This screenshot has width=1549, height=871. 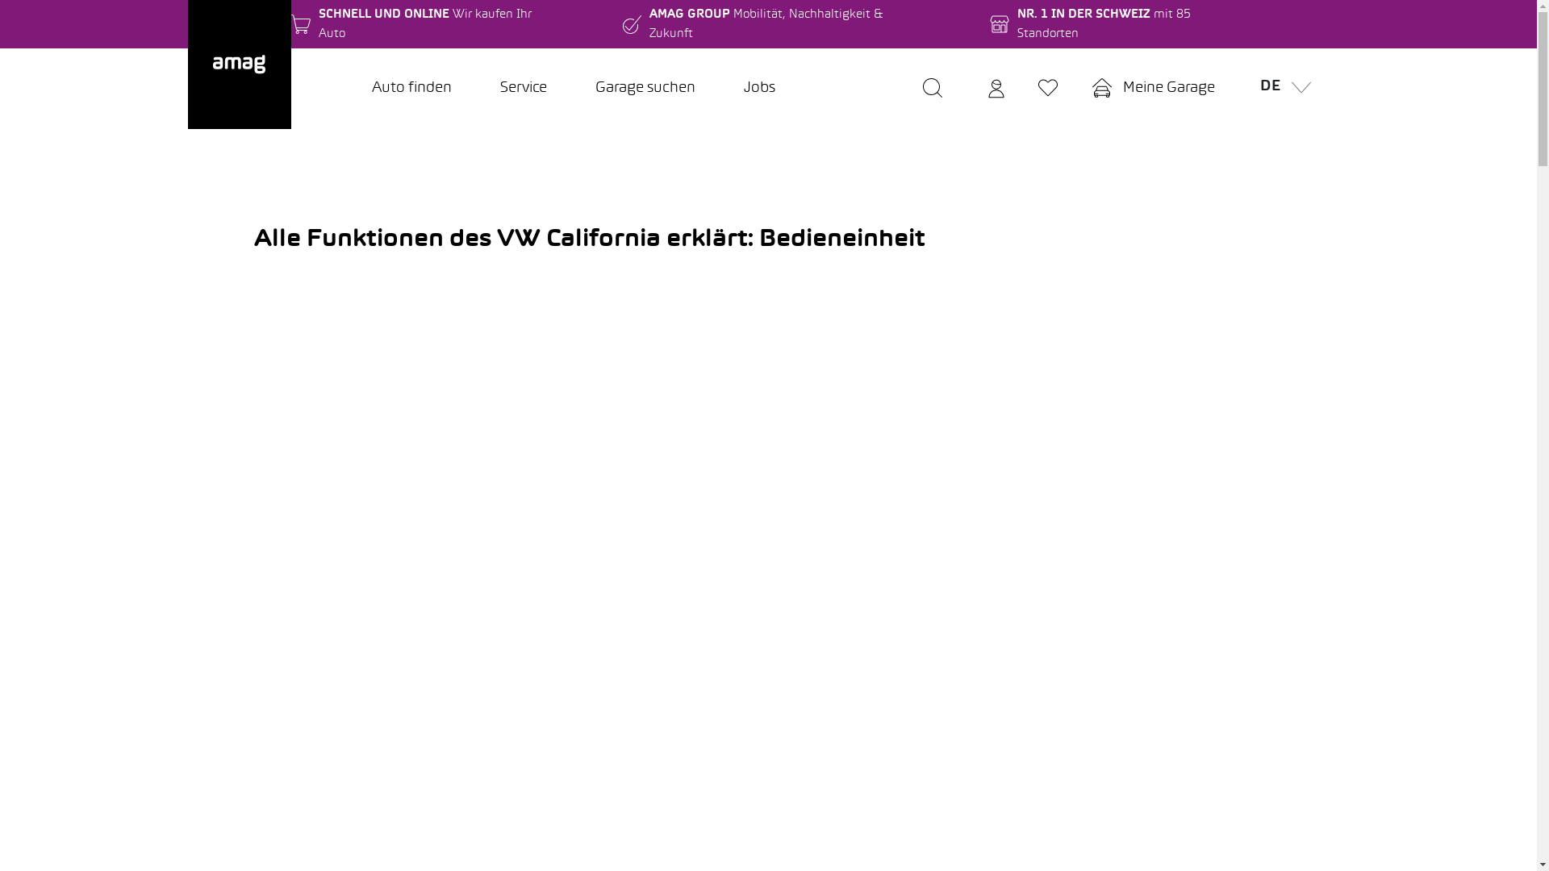 What do you see at coordinates (475, 89) in the screenshot?
I see `'Service'` at bounding box center [475, 89].